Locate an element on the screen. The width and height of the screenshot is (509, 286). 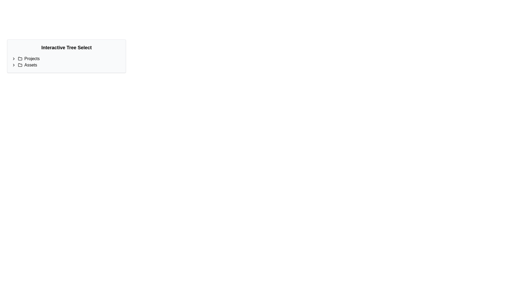
the right-pointing chevron icon toggle located to the left of the 'Projects' text is located at coordinates (14, 59).